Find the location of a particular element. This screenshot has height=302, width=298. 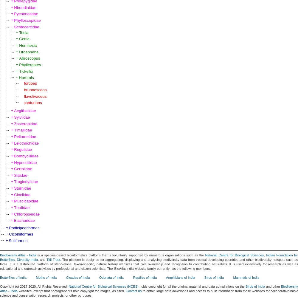

', and' is located at coordinates (42, 259).